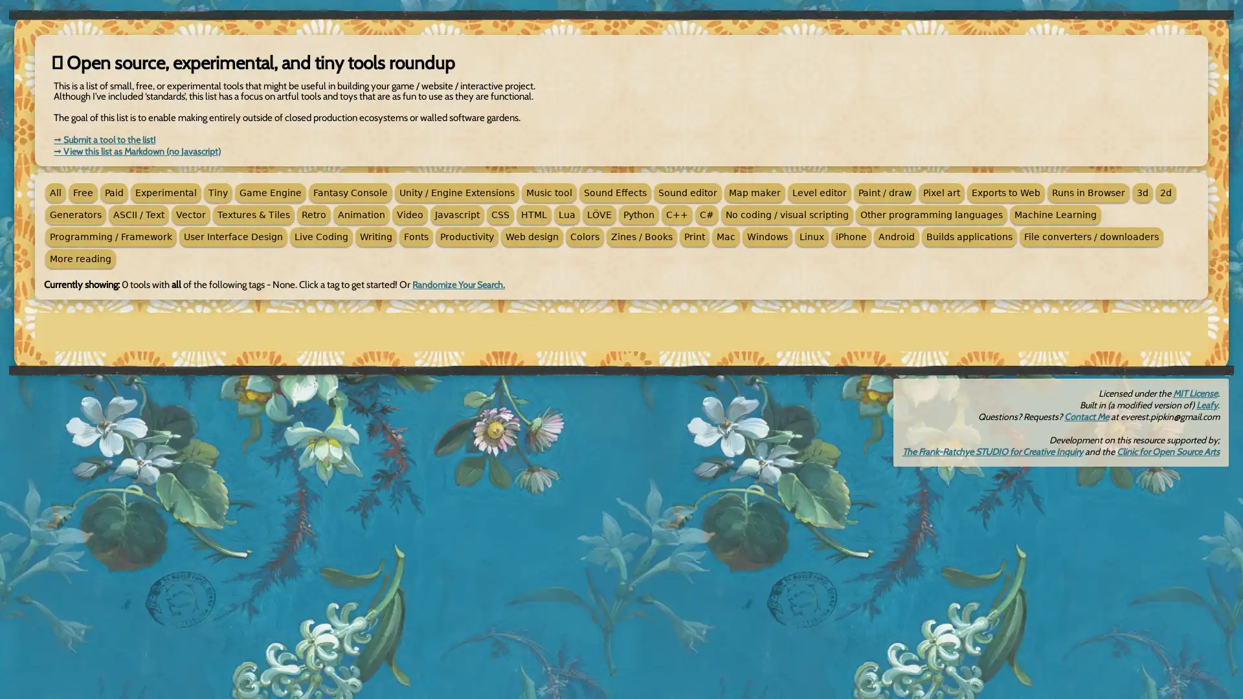 Image resolution: width=1243 pixels, height=699 pixels. Describe the element at coordinates (409, 214) in the screenshot. I see `Video` at that location.